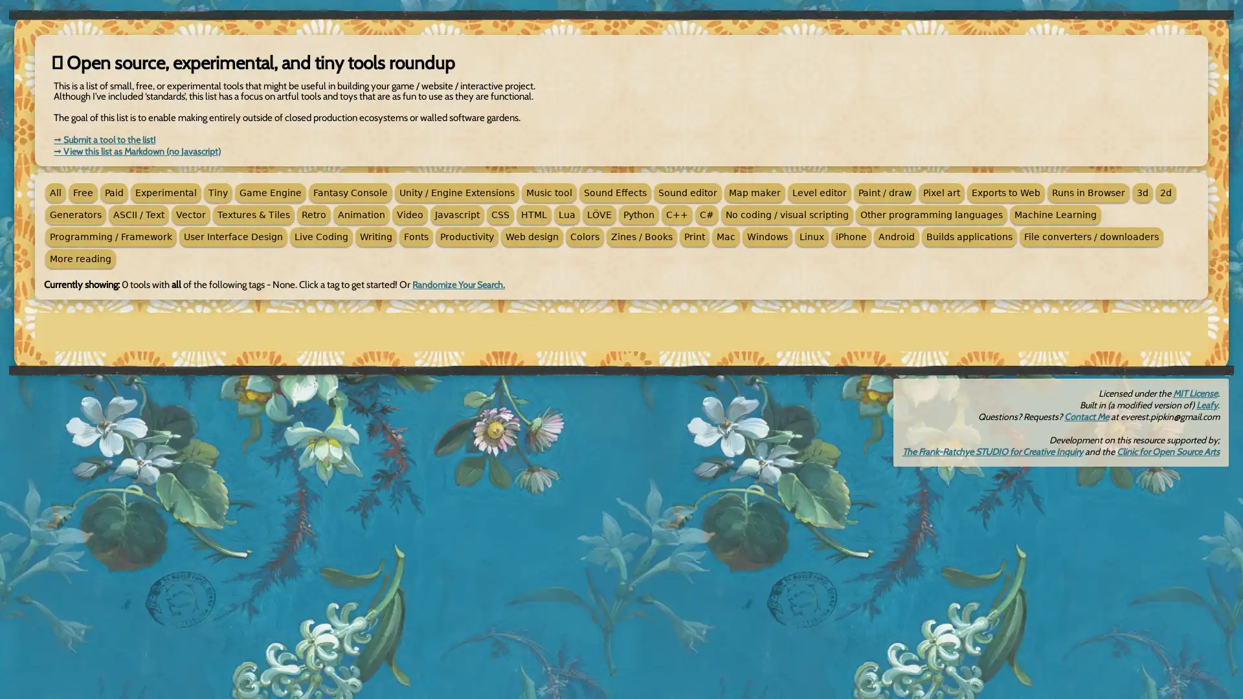 Image resolution: width=1243 pixels, height=699 pixels. Describe the element at coordinates (409, 214) in the screenshot. I see `Video` at that location.